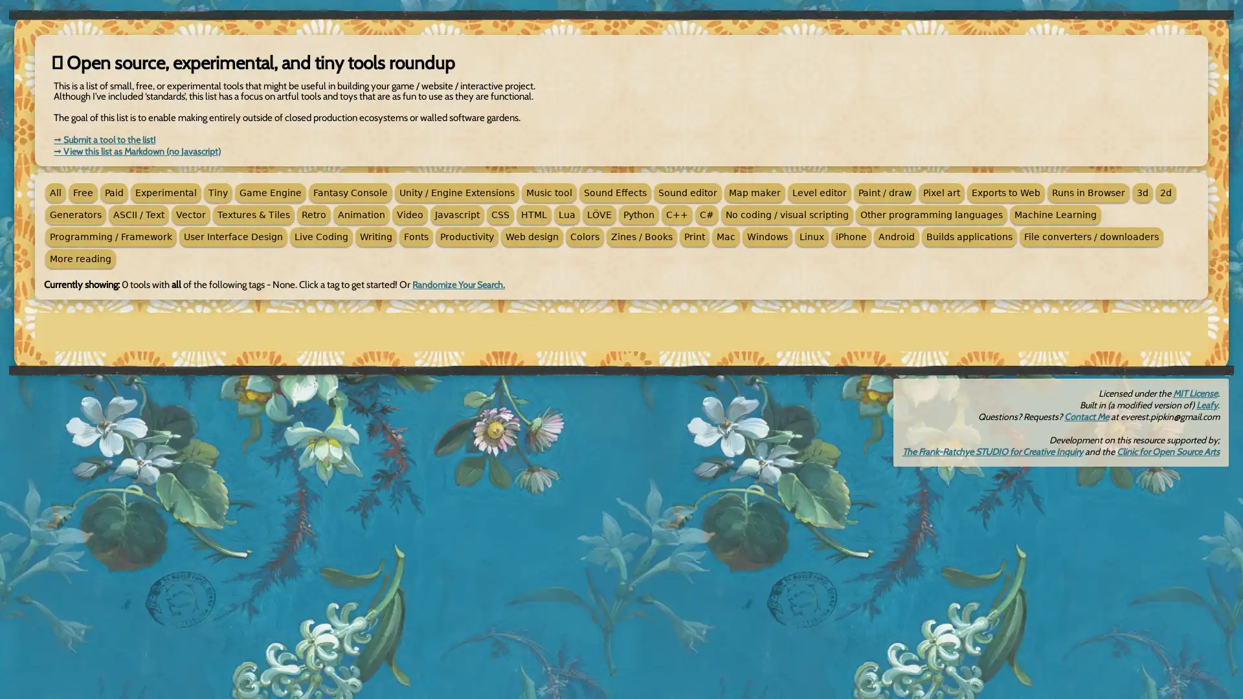 Image resolution: width=1243 pixels, height=699 pixels. Describe the element at coordinates (409, 214) in the screenshot. I see `Video` at that location.